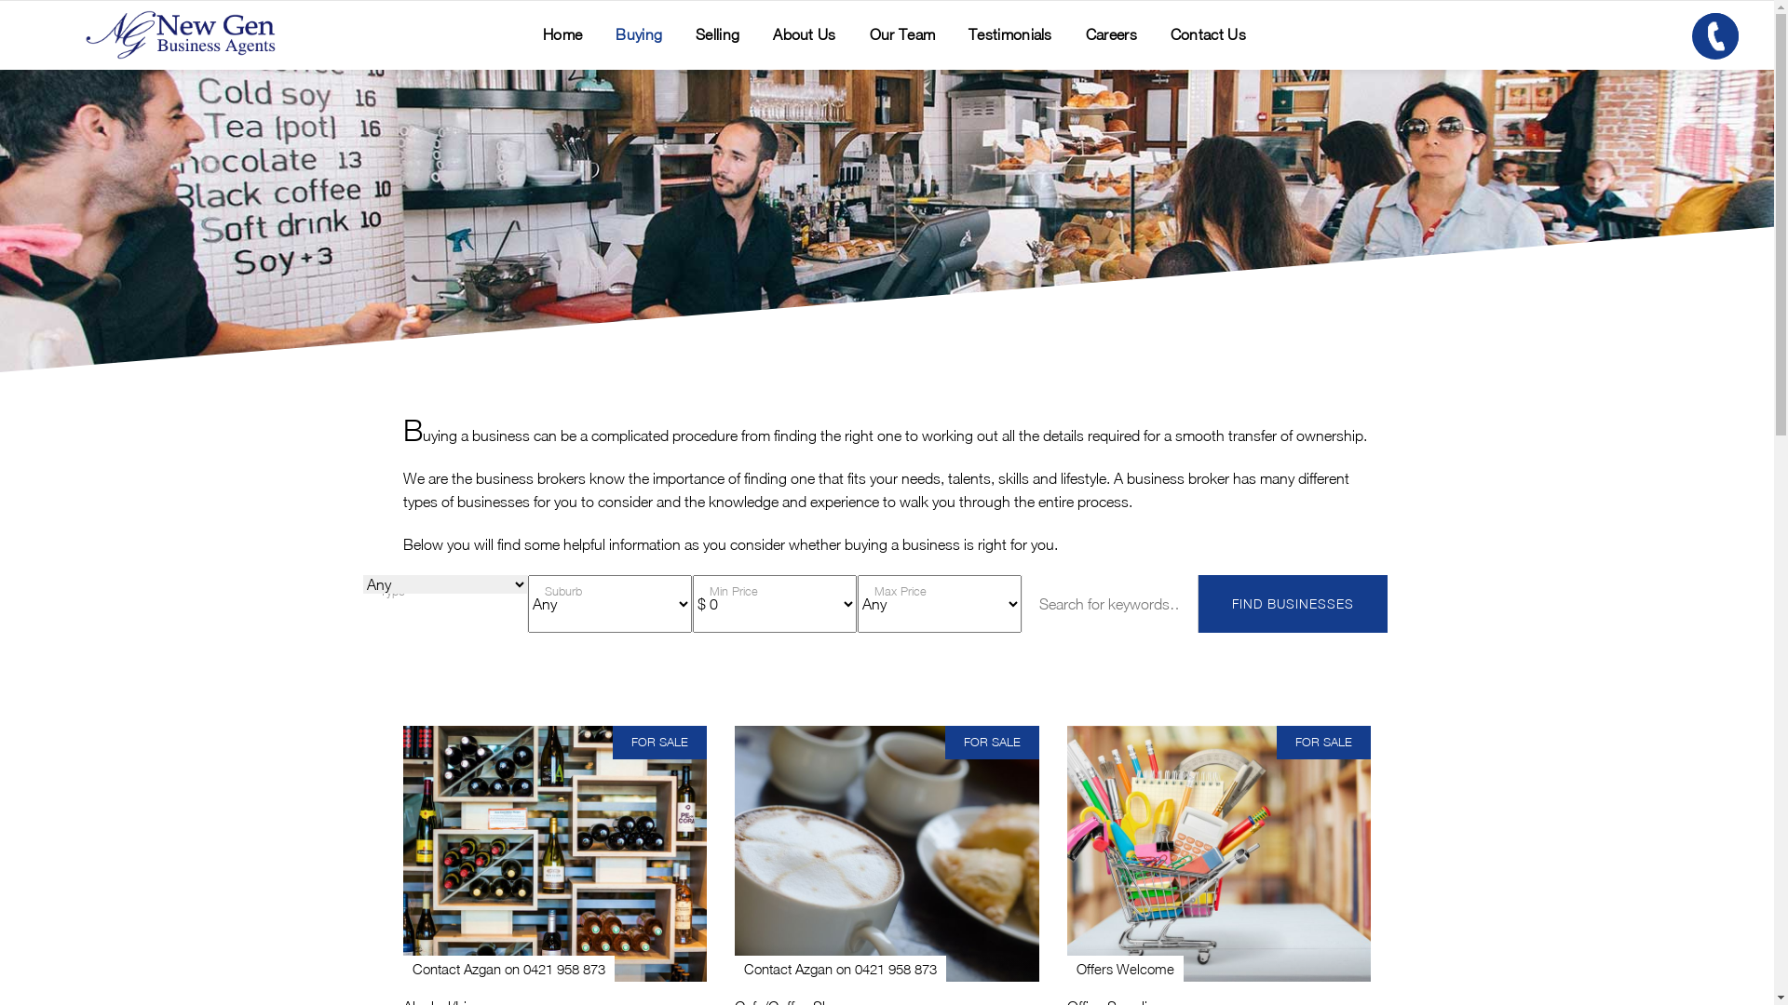 The height and width of the screenshot is (1005, 1788). Describe the element at coordinates (639, 34) in the screenshot. I see `'Buying'` at that location.